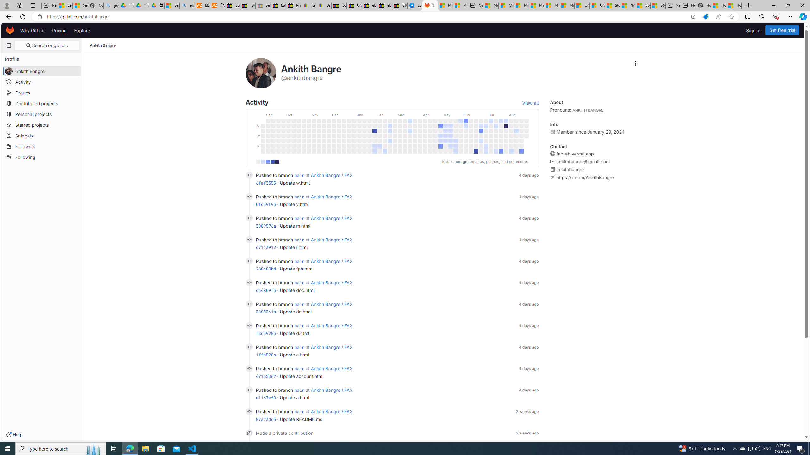  I want to click on 'Starred projects', so click(41, 124).